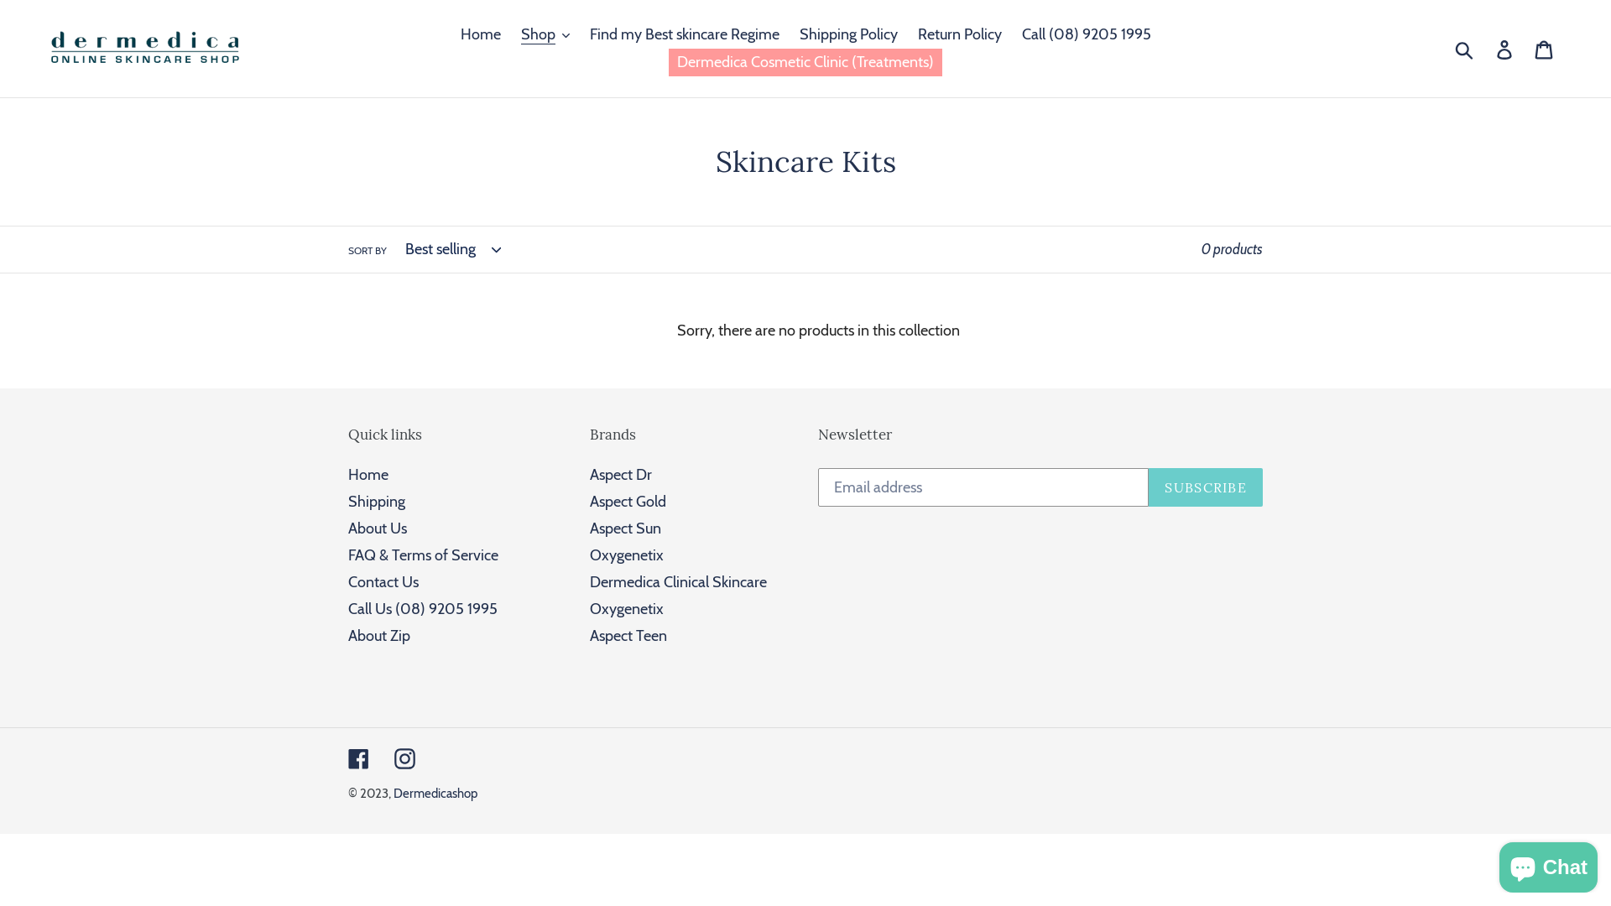  What do you see at coordinates (377, 527) in the screenshot?
I see `'About Us'` at bounding box center [377, 527].